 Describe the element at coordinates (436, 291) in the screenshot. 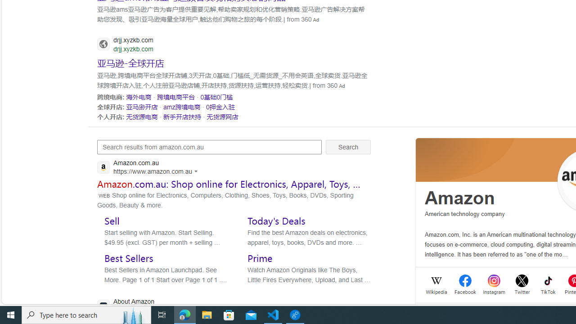

I see `'Wikipedia'` at that location.